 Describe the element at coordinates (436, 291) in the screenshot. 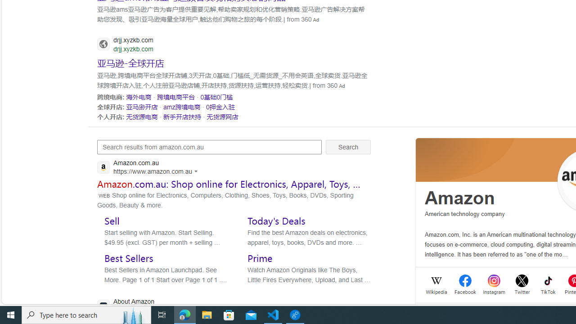

I see `'Wikipedia'` at that location.